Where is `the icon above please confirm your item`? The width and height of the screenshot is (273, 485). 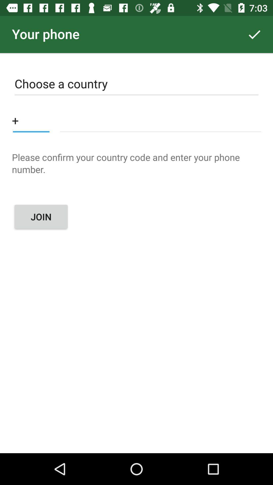
the icon above please confirm your item is located at coordinates (161, 120).